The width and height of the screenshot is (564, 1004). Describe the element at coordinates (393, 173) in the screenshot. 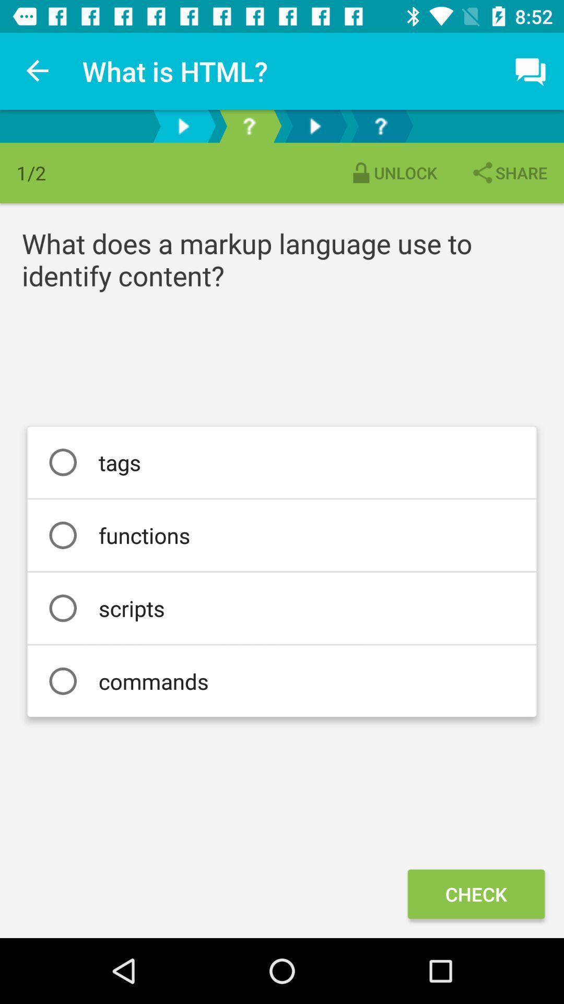

I see `item to the left of the share item` at that location.